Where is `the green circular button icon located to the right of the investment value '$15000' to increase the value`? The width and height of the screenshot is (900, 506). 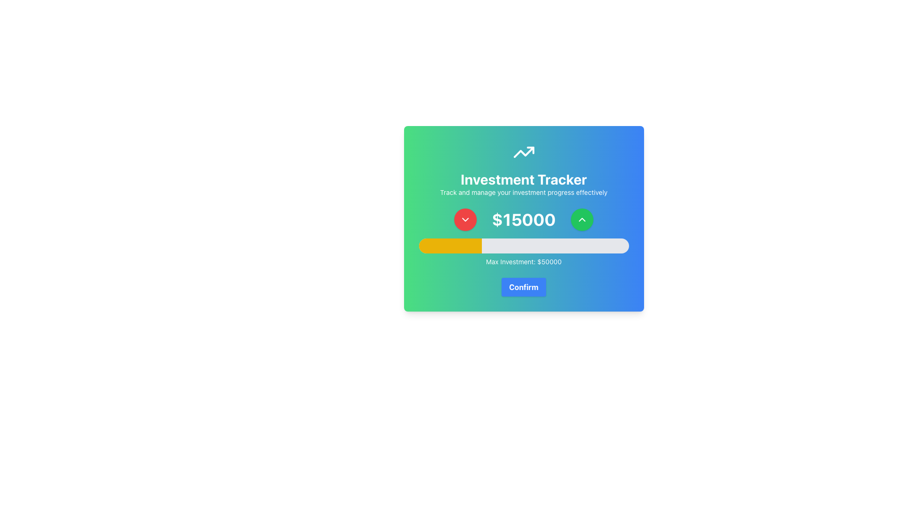 the green circular button icon located to the right of the investment value '$15000' to increase the value is located at coordinates (581, 220).